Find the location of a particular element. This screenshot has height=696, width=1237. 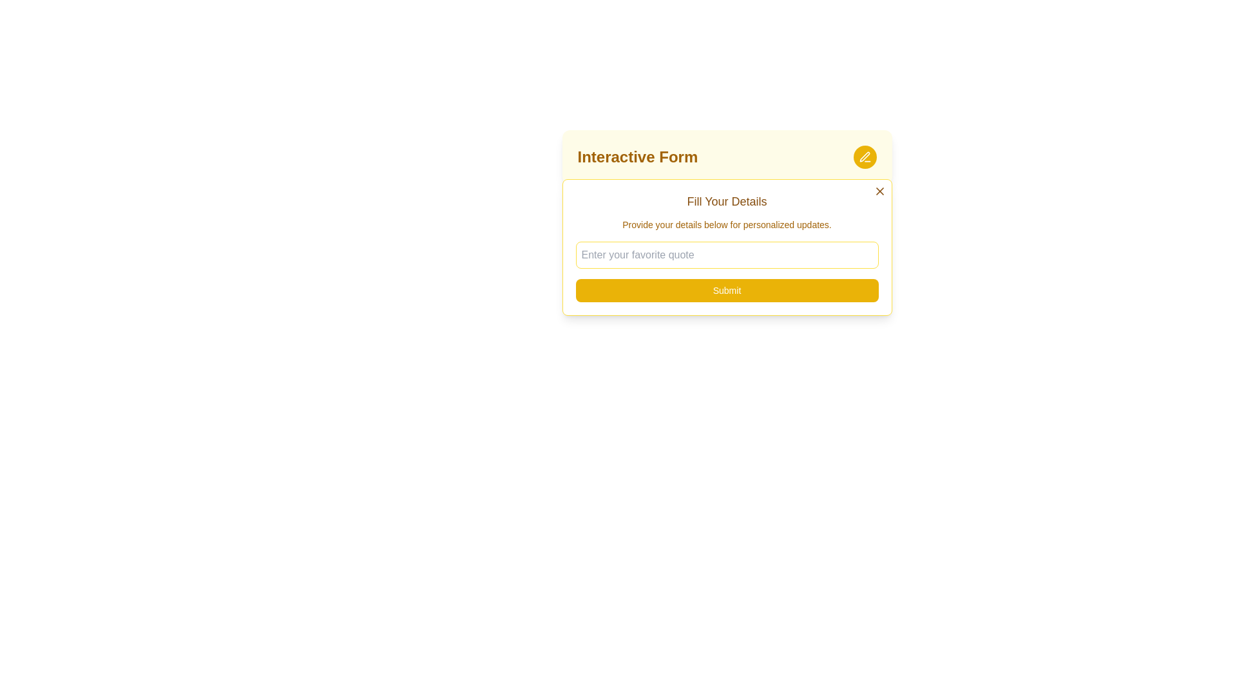

the circular button with a yellow background and a white pen icon located beside the header text 'Interactive Form' is located at coordinates (865, 156).